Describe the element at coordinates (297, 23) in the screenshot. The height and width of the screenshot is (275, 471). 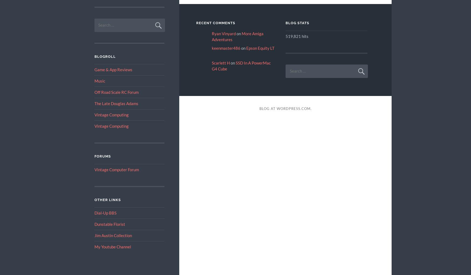
I see `'Blog Stats'` at that location.